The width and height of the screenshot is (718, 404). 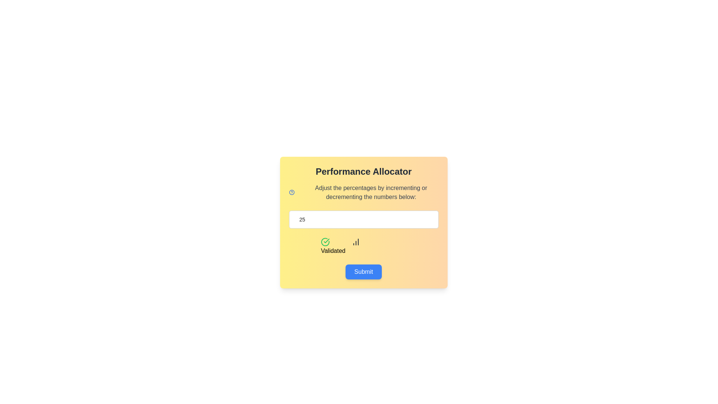 What do you see at coordinates (332, 247) in the screenshot?
I see `the status display label with an icon on the leftmost column` at bounding box center [332, 247].